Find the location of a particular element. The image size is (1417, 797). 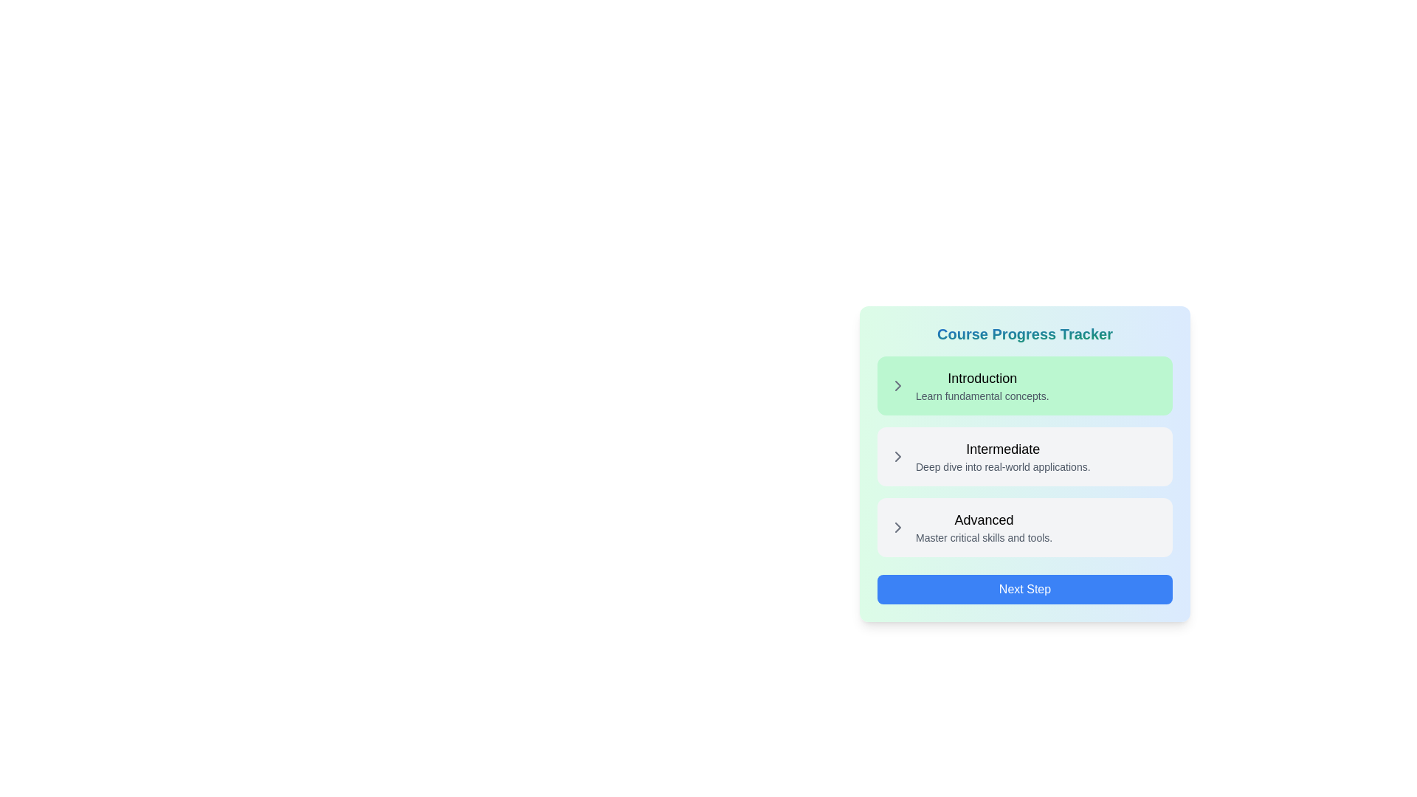

the static text label indicating the 'Intermediate' level in the Course Progress Tracker, which is placed above the supporting text 'Deep dive into real-world applications.' is located at coordinates (1003, 449).